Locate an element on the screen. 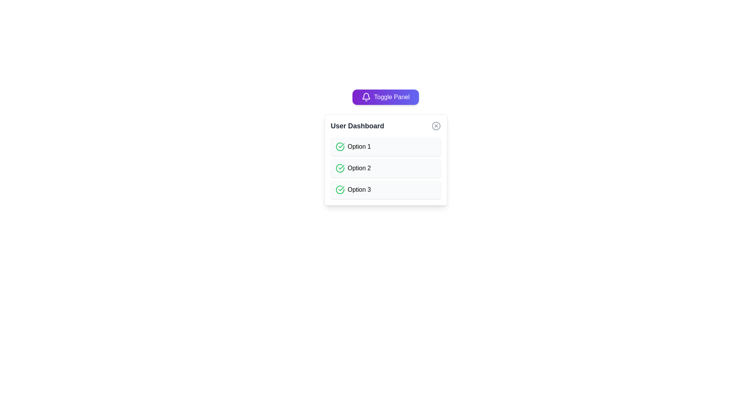 The width and height of the screenshot is (738, 415). the status icon representing 'Option 3' in the User Dashboard, which indicates the selection state of the option is located at coordinates (339, 189).